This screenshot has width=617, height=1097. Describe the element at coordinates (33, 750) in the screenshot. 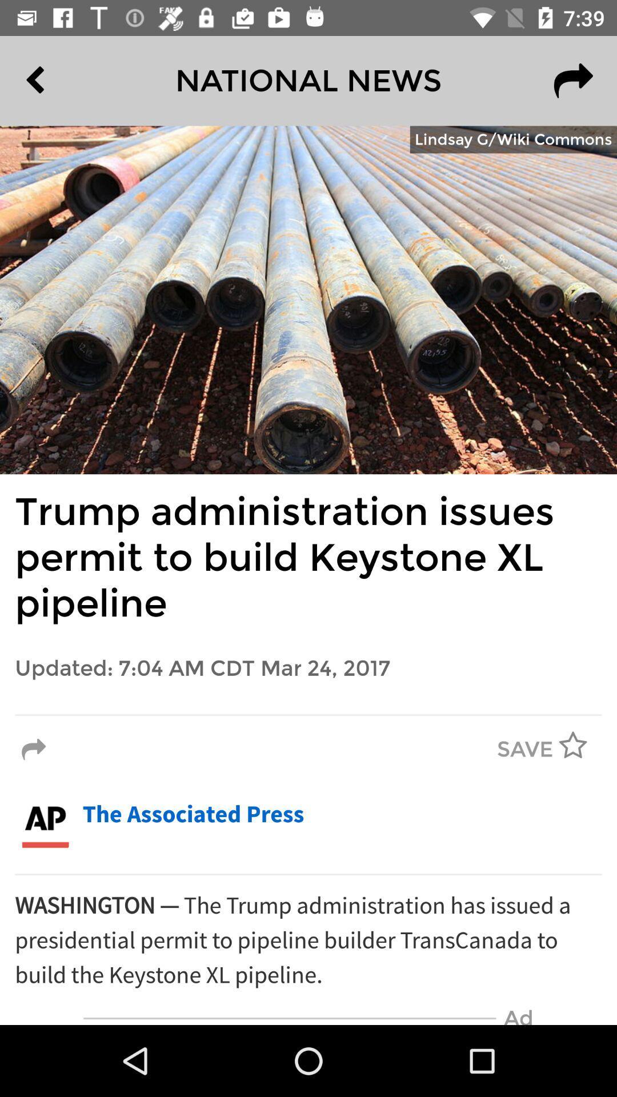

I see `item to the left of save item` at that location.